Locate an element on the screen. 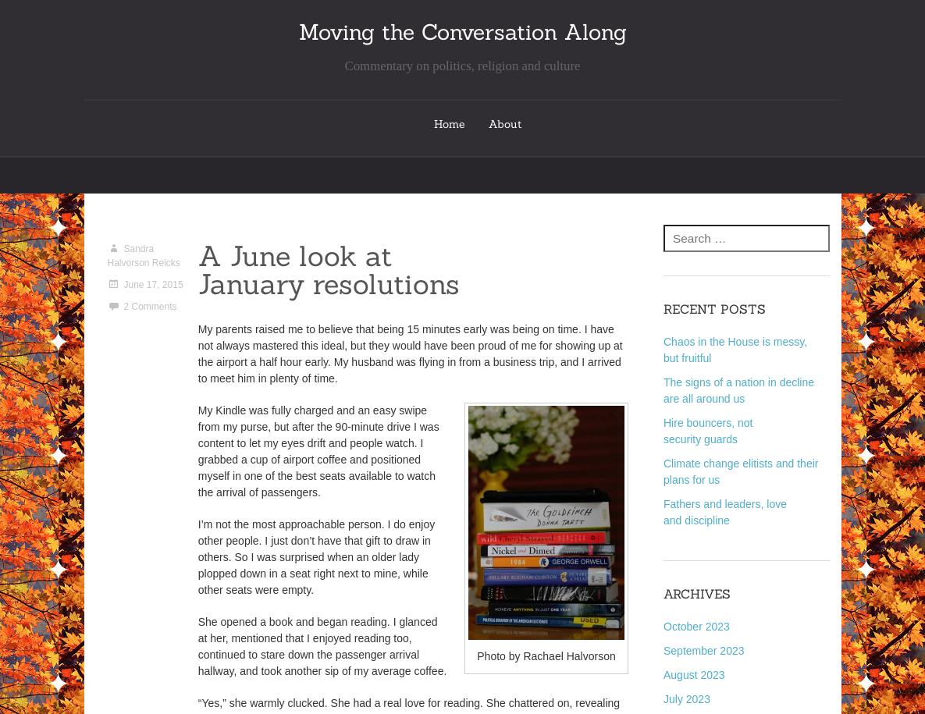  'Photo by Rachael Halvorson' is located at coordinates (545, 655).